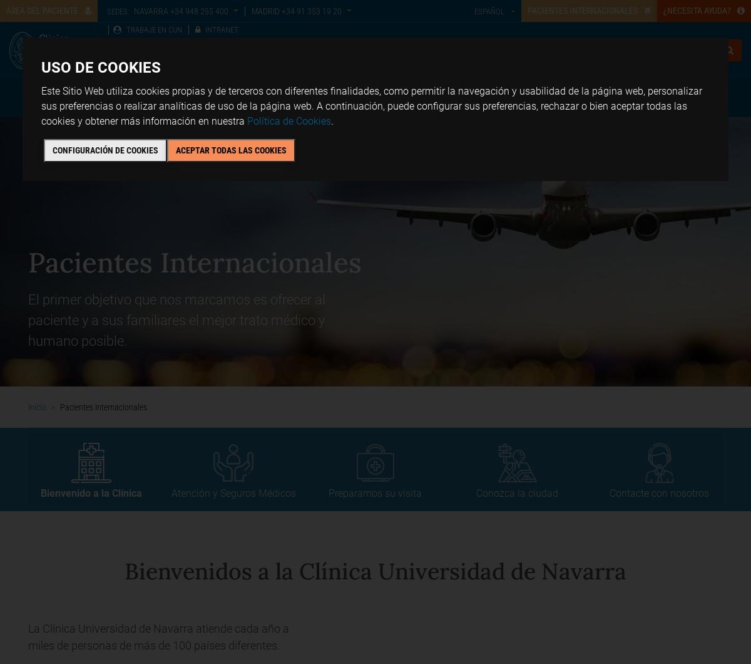  What do you see at coordinates (91, 492) in the screenshot?
I see `'Bienvenido a la Clínica'` at bounding box center [91, 492].